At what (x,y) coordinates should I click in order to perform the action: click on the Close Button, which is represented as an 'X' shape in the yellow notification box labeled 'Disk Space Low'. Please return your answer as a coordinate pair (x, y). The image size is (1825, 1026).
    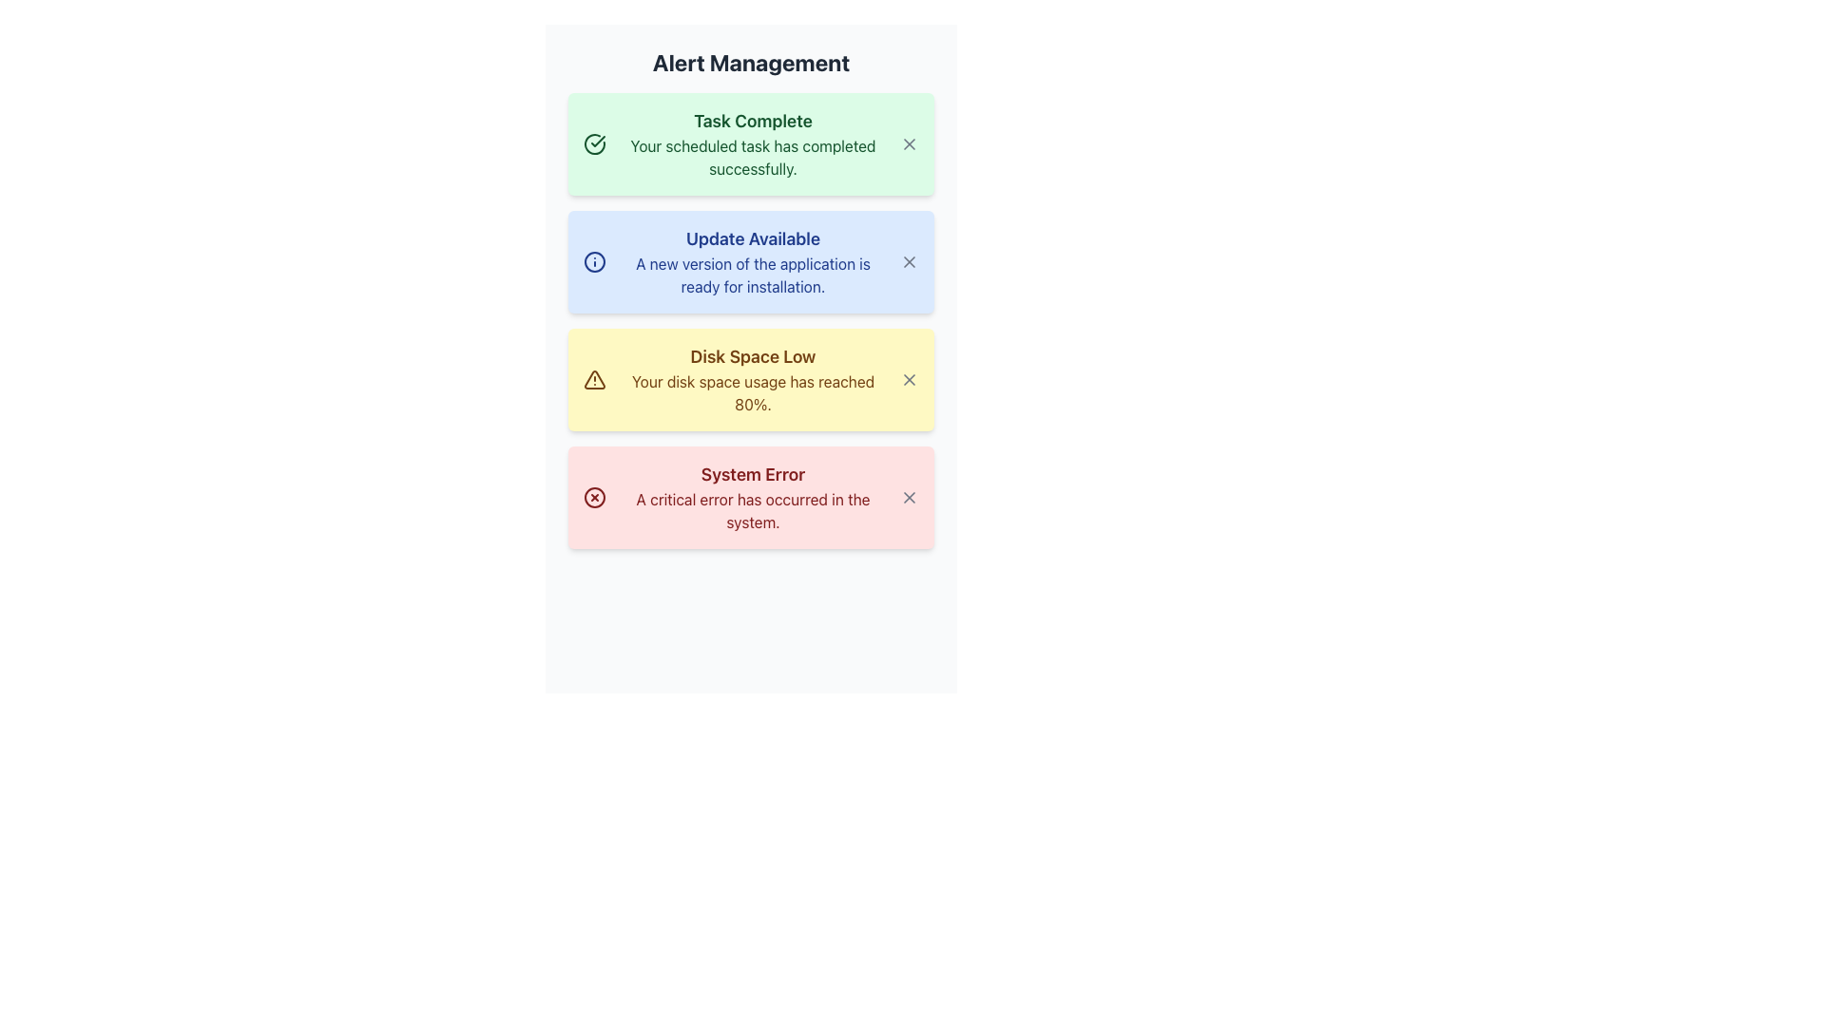
    Looking at the image, I should click on (908, 380).